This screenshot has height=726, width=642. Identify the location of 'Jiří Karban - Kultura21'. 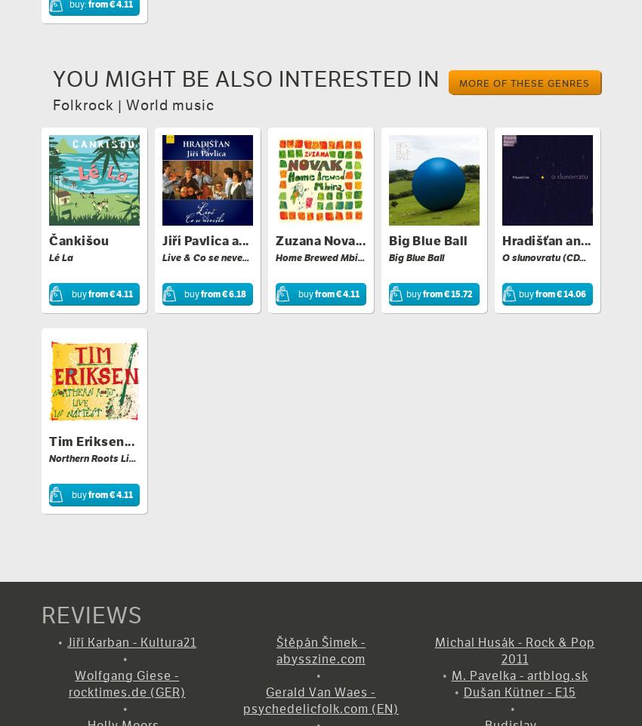
(131, 641).